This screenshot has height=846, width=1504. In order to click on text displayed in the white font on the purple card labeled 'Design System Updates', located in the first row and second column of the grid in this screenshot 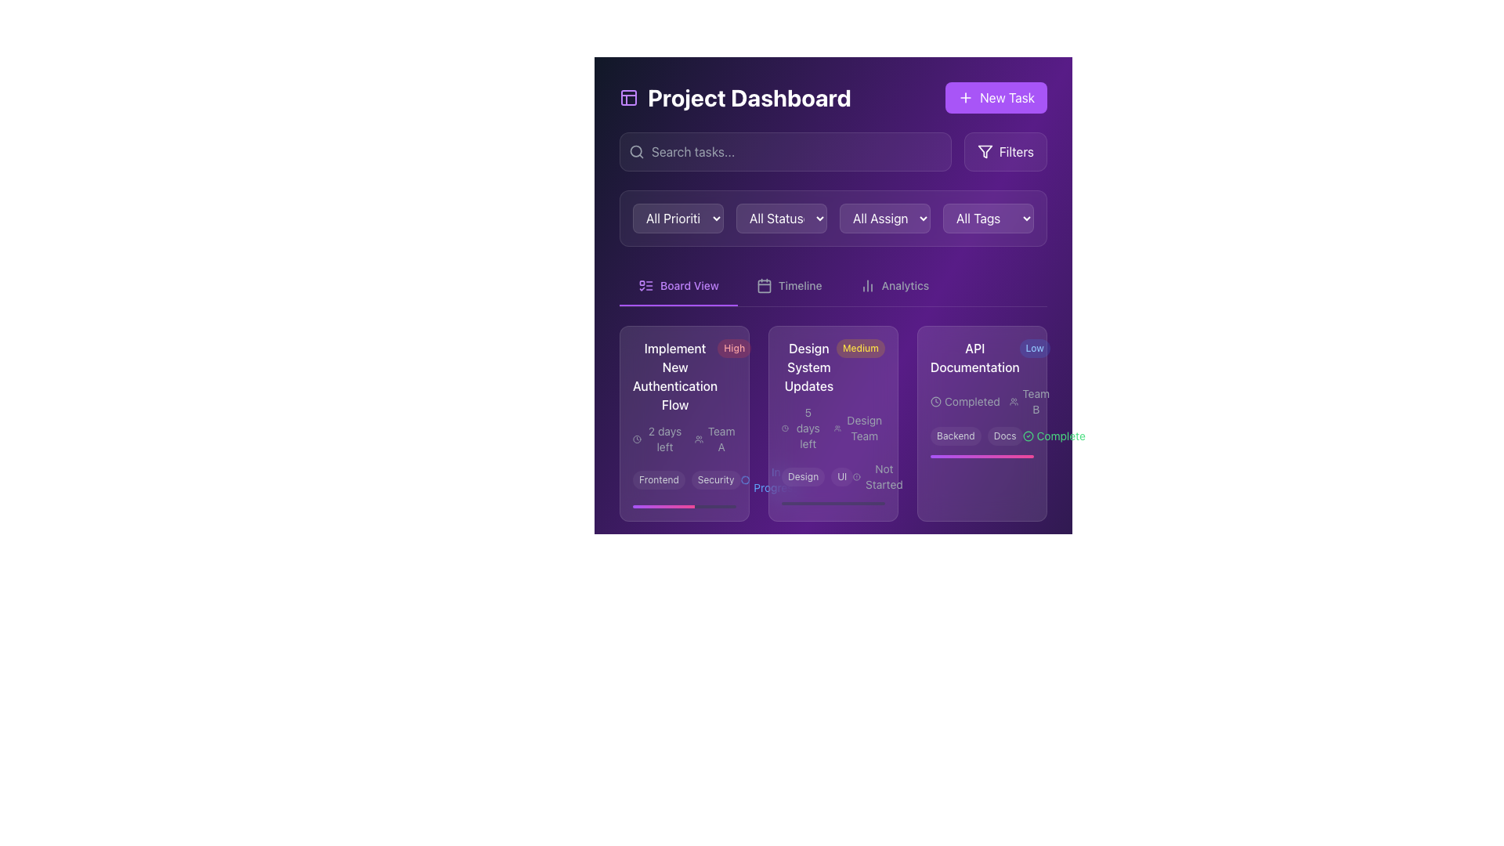, I will do `click(808, 367)`.